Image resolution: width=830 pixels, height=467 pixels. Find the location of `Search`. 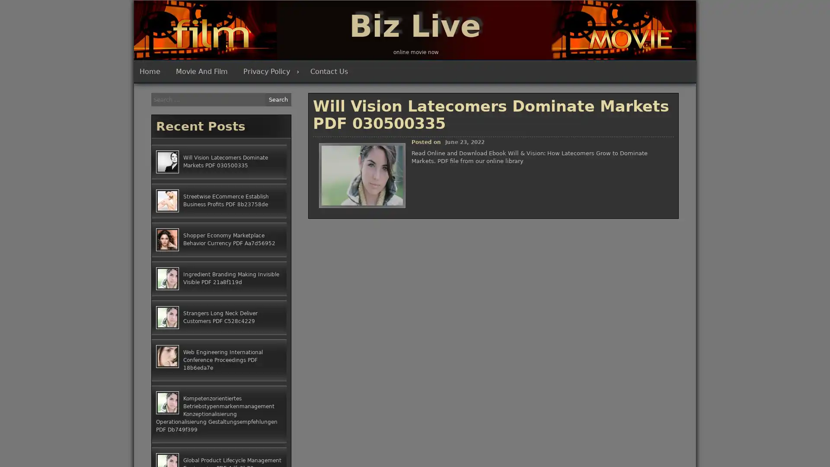

Search is located at coordinates (278, 99).